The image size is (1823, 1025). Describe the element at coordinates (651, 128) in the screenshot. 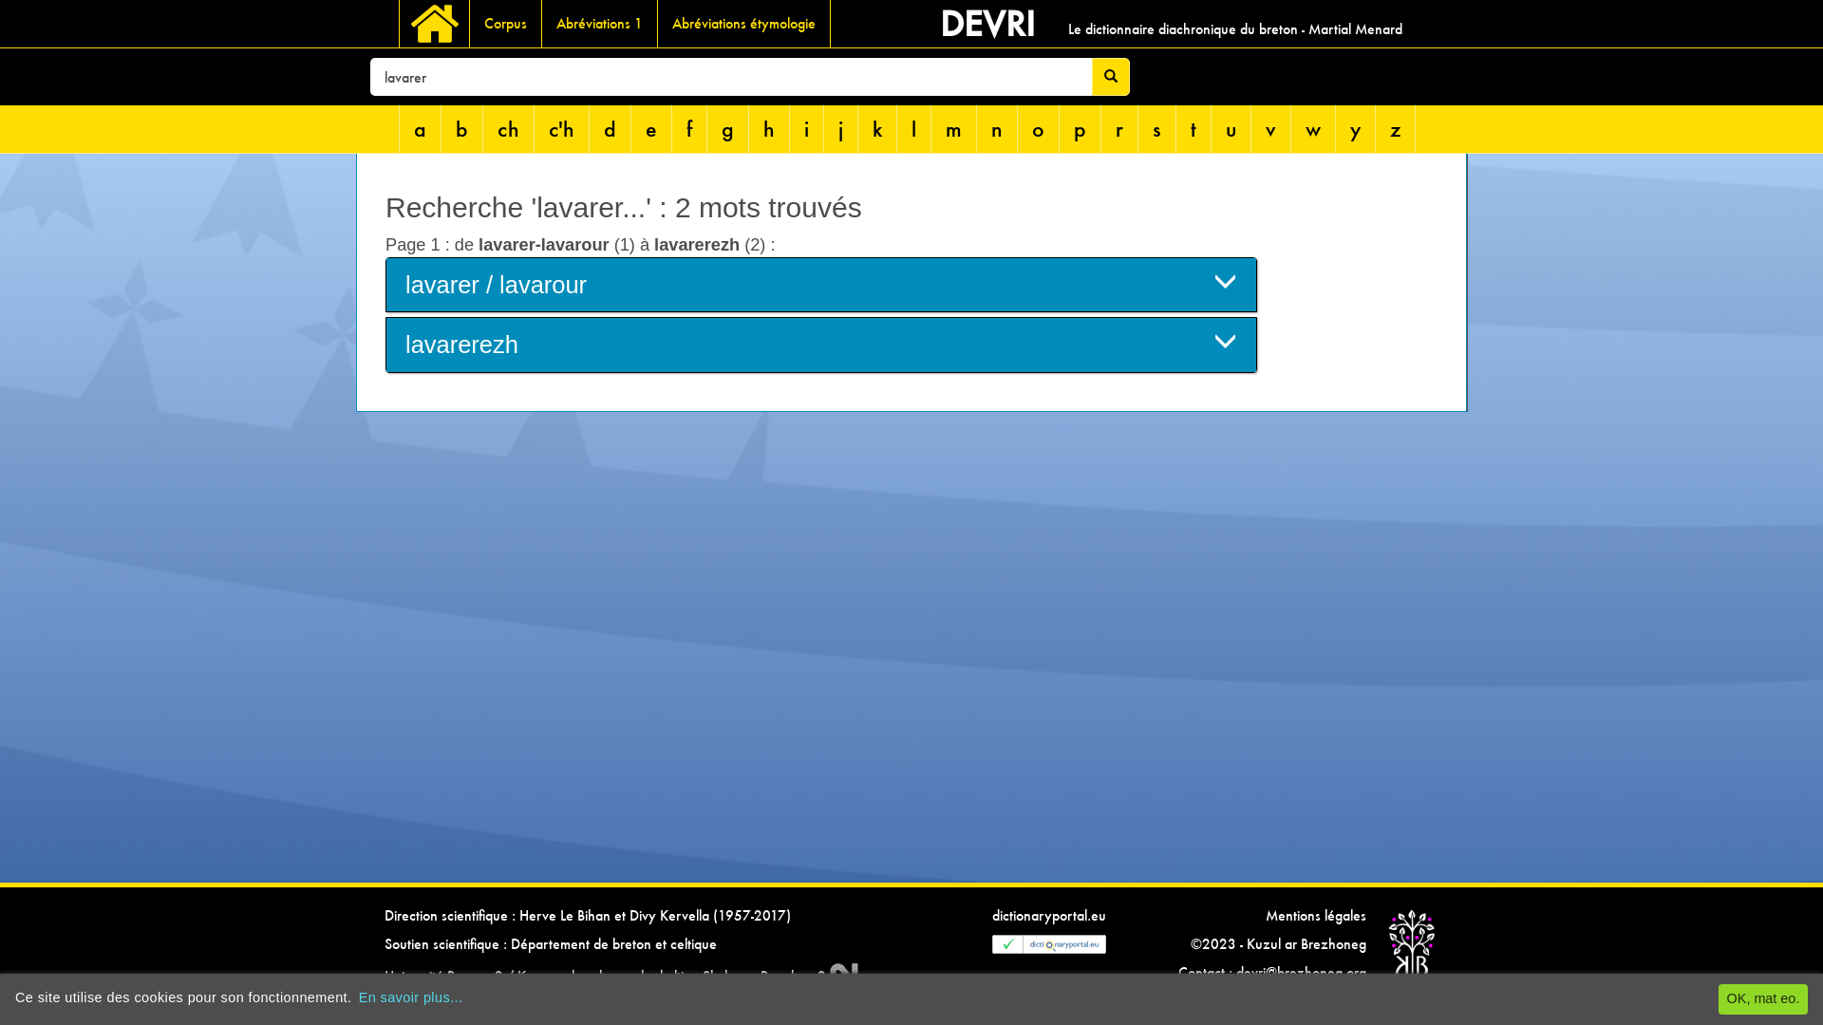

I see `'e'` at that location.